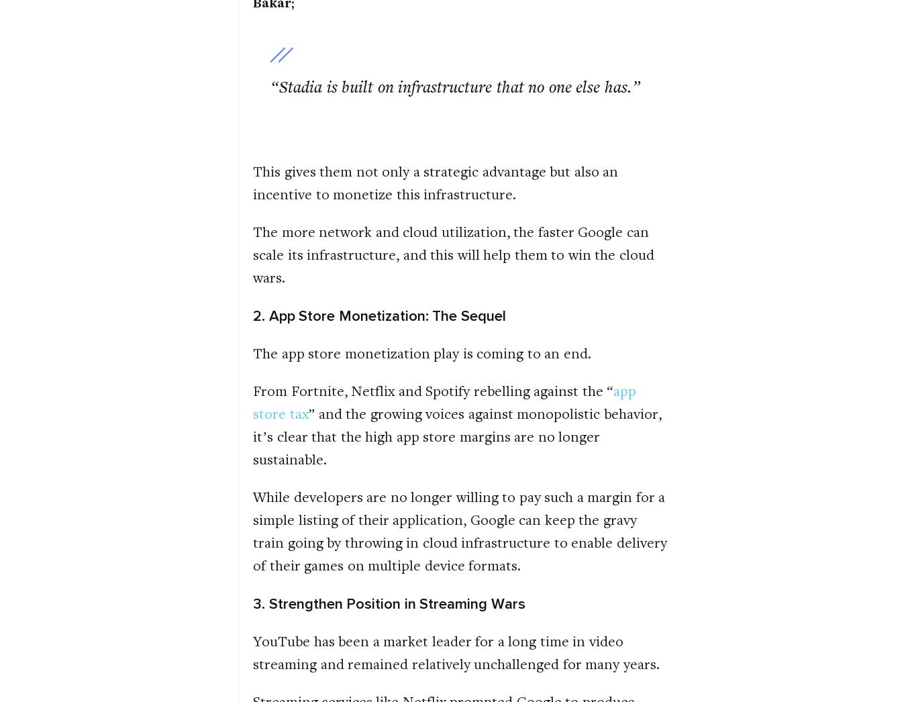 This screenshot has width=906, height=702. Describe the element at coordinates (458, 530) in the screenshot. I see `'While developers are no longer willing to pay such a margin for a simple listing of their application, Google can keep the gravy train going by throwing in cloud infrastructure to enable delivery of their games on multiple device formats.'` at that location.